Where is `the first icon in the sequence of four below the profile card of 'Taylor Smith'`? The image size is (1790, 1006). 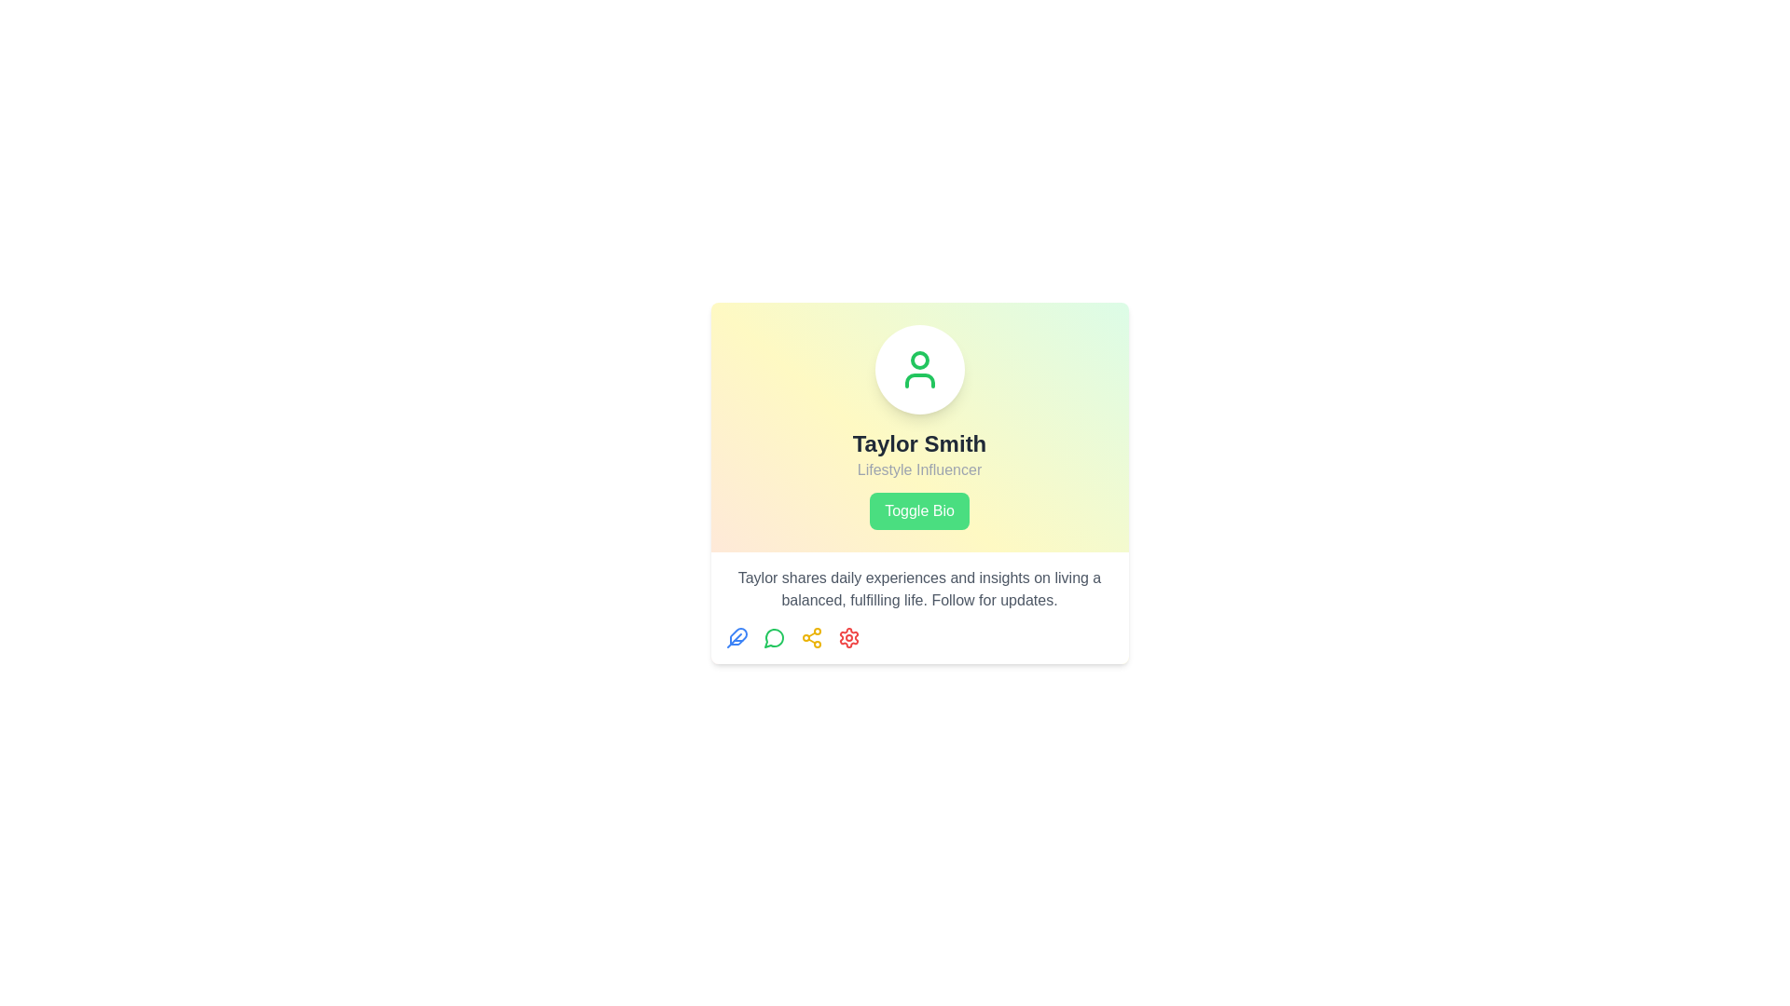
the first icon in the sequence of four below the profile card of 'Taylor Smith' is located at coordinates (736, 637).